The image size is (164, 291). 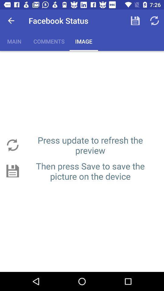 I want to click on the icon above the main item, so click(x=11, y=21).